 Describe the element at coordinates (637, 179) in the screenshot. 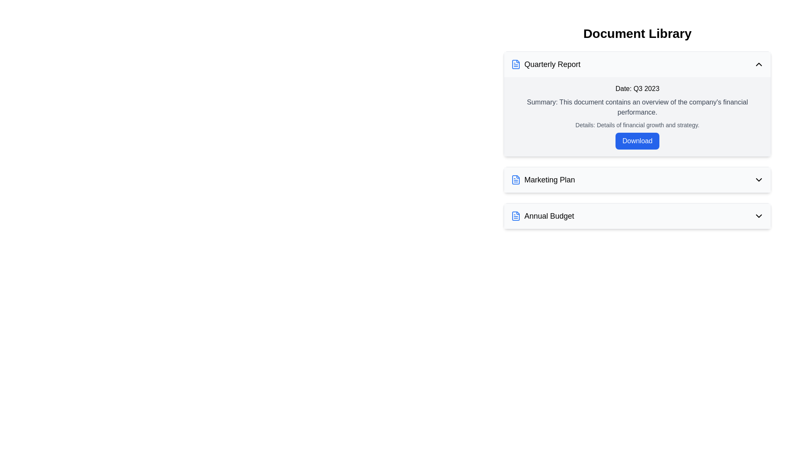

I see `the 'Marketing Plan' Expandable section header, which has a light gray background and a blue document icon` at that location.